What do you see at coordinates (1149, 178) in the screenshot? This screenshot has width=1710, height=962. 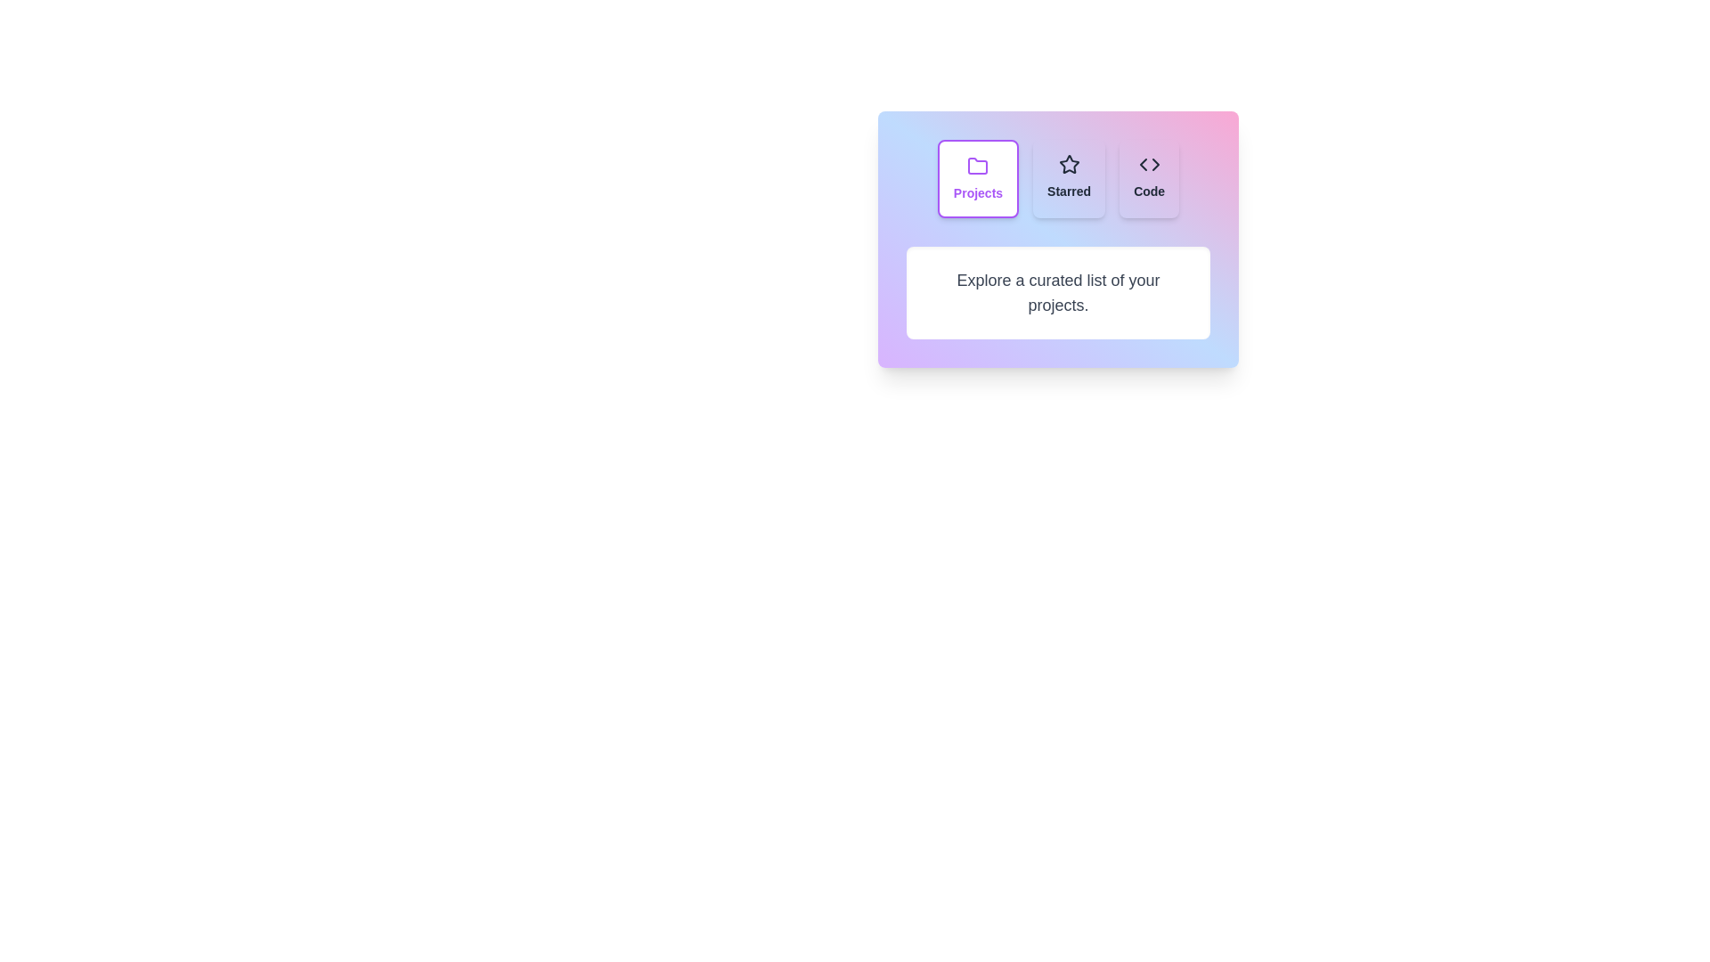 I see `the tab labeled Code` at bounding box center [1149, 178].